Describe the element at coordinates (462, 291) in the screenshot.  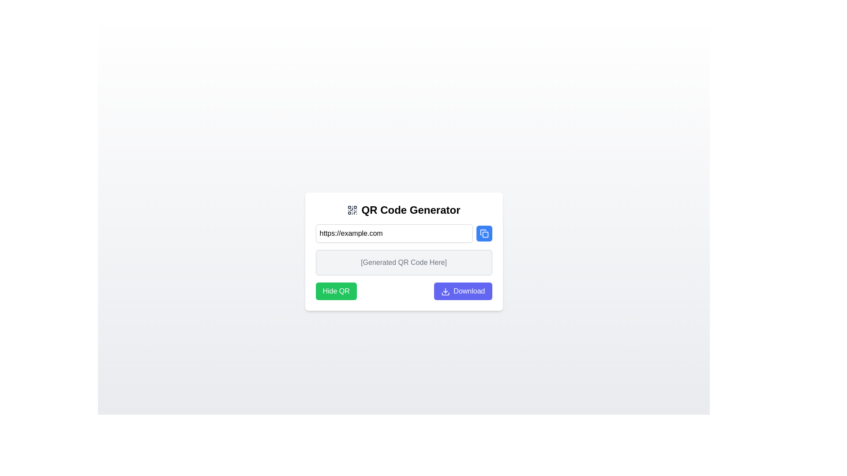
I see `the download button located in the lower-right corner of the card interface` at that location.